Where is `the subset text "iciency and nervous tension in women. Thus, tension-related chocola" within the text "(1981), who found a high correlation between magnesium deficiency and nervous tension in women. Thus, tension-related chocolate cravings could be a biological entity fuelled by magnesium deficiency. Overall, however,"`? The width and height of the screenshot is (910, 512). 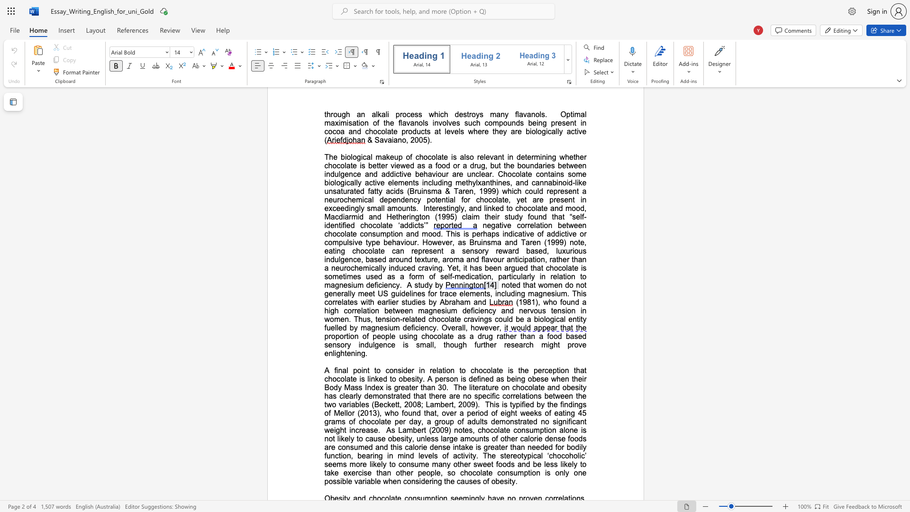 the subset text "iciency and nervous tension in women. Thus, tension-related chocola" within the text "(1981), who found a high correlation between magnesium deficiency and nervous tension in women. Thus, tension-related chocolate cravings could be a biological entity fuelled by magnesium deficiency. Overall, however," is located at coordinates (473, 311).